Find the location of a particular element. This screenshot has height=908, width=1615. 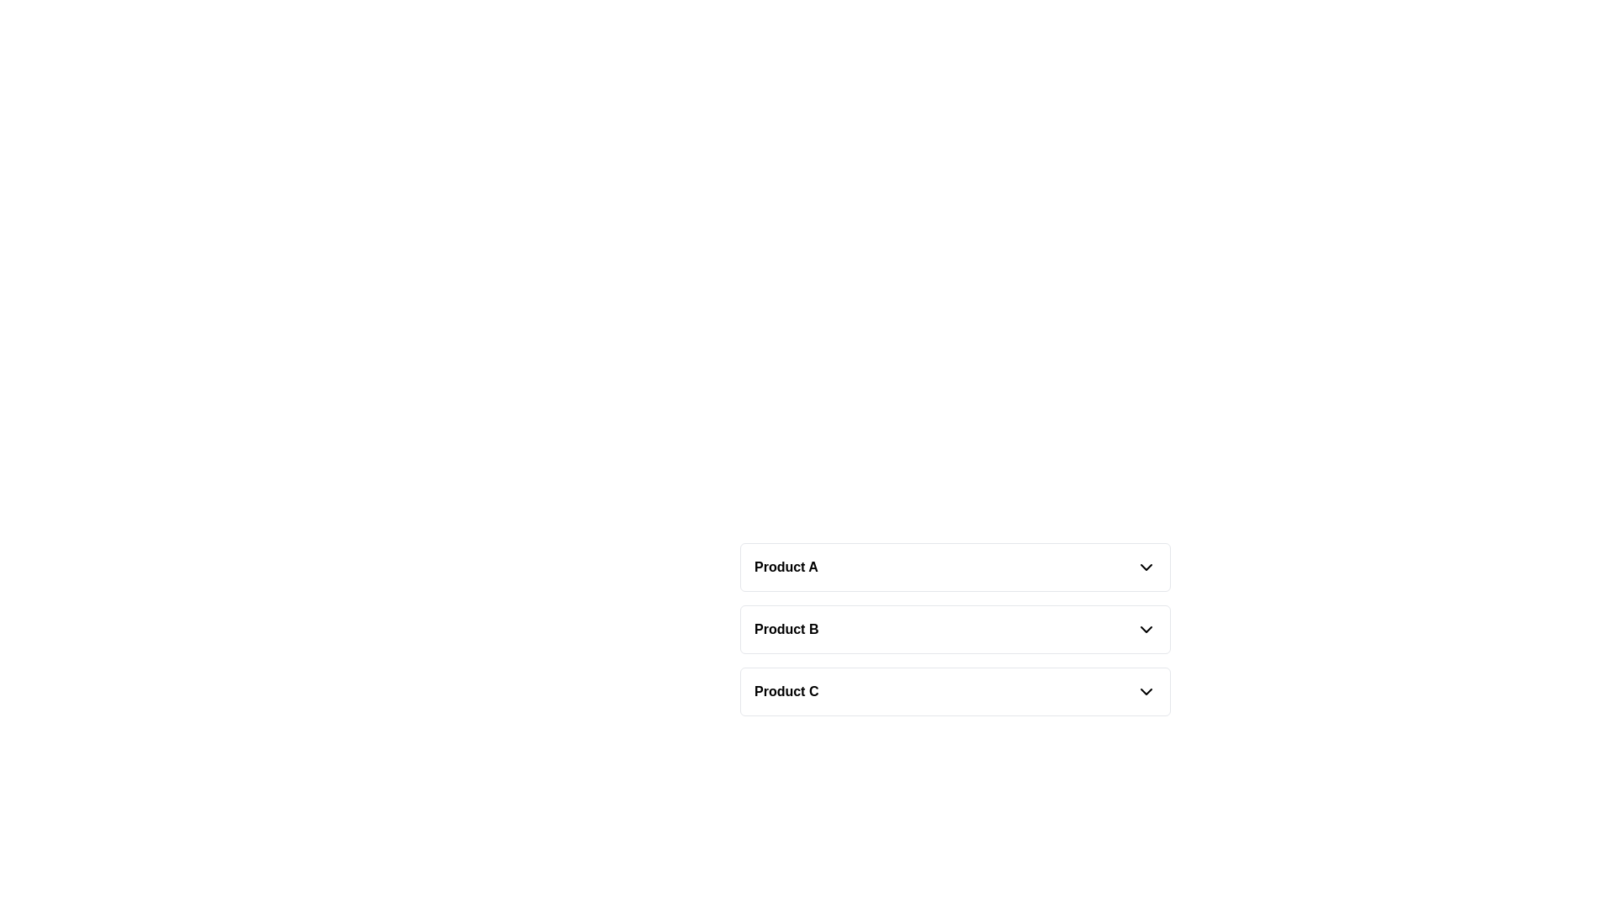

the text label for the first product in the list is located at coordinates (785, 567).